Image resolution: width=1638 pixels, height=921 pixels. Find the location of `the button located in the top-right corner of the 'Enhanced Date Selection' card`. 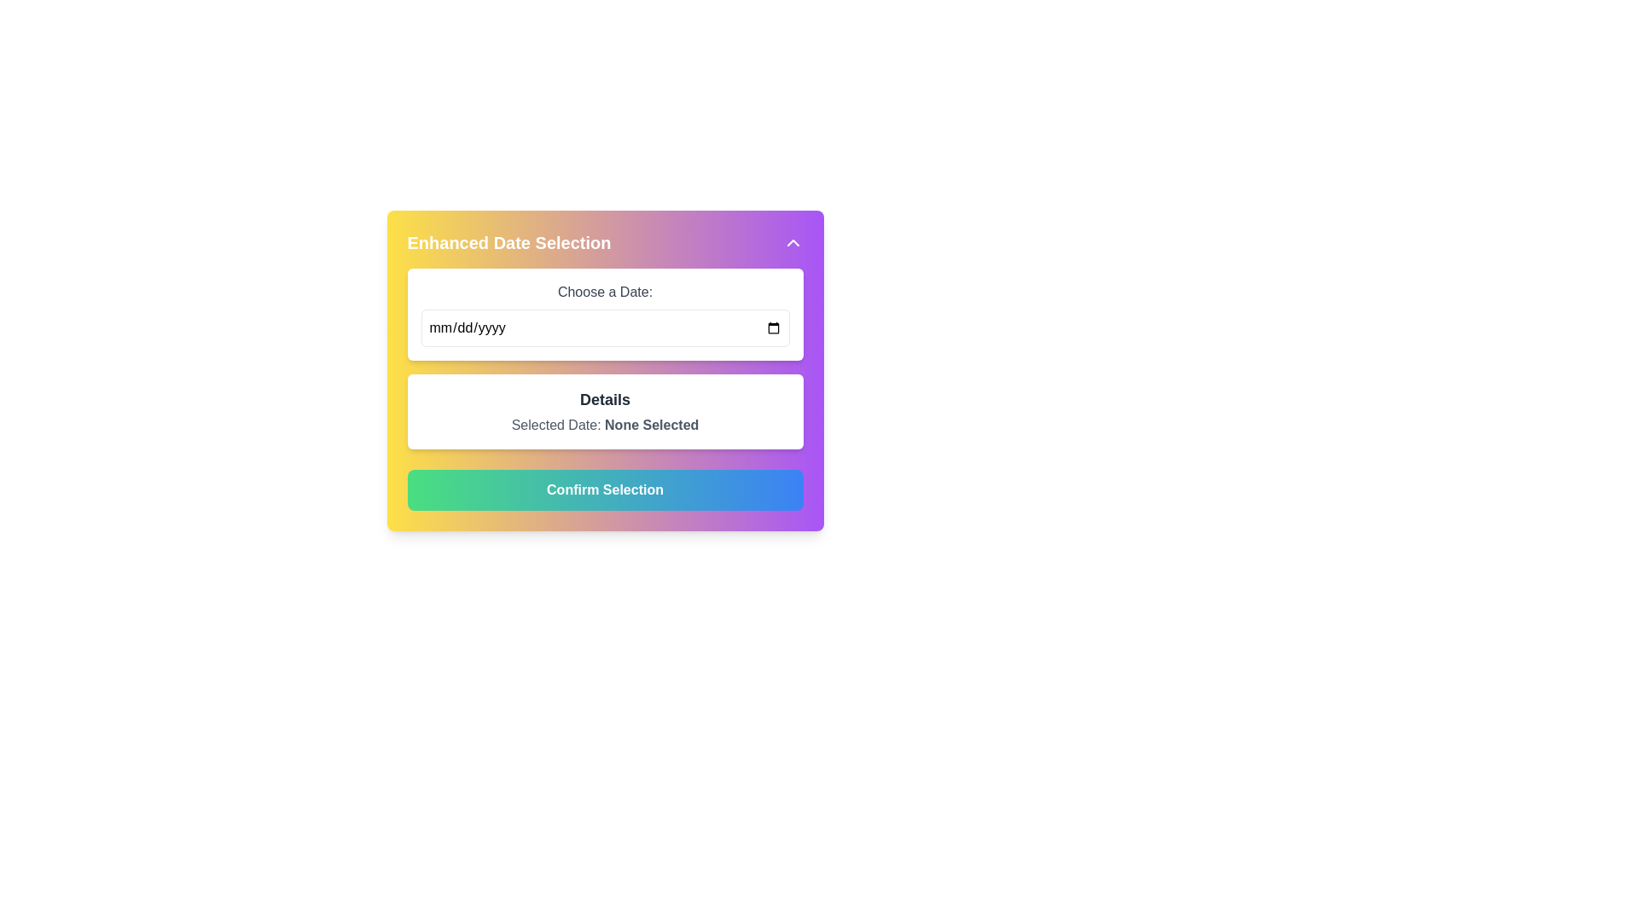

the button located in the top-right corner of the 'Enhanced Date Selection' card is located at coordinates (792, 243).